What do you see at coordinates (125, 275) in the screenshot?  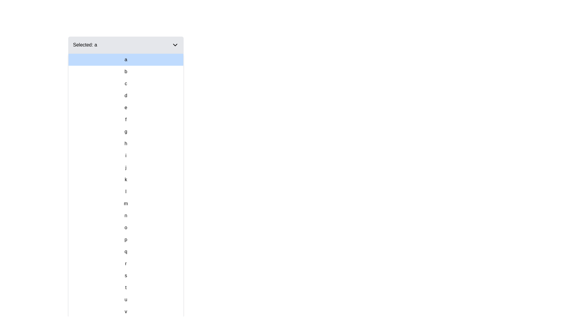 I see `the list item displaying the lowercase letter 's', which is the 19th item in a vertical alphabetical list within a dropdown menu` at bounding box center [125, 275].